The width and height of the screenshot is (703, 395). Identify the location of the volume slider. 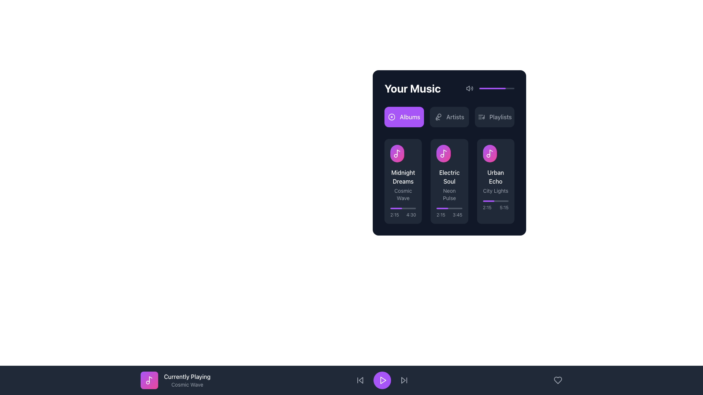
(505, 88).